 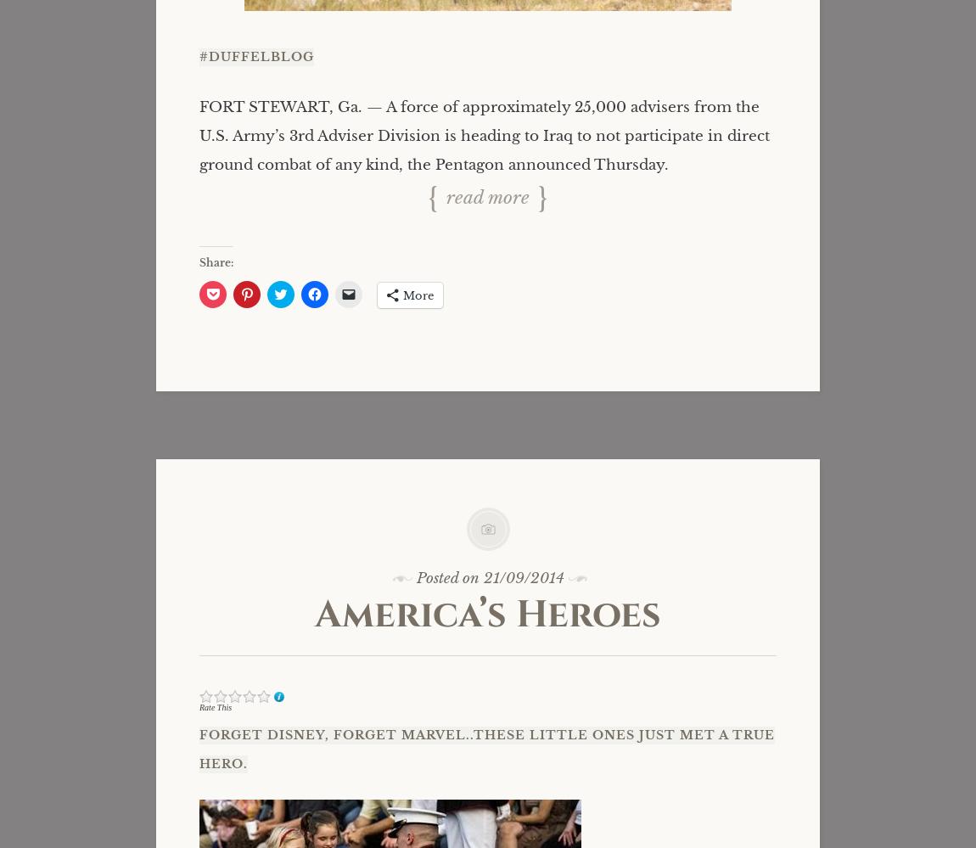 I want to click on 'America’s Heroes', so click(x=314, y=614).